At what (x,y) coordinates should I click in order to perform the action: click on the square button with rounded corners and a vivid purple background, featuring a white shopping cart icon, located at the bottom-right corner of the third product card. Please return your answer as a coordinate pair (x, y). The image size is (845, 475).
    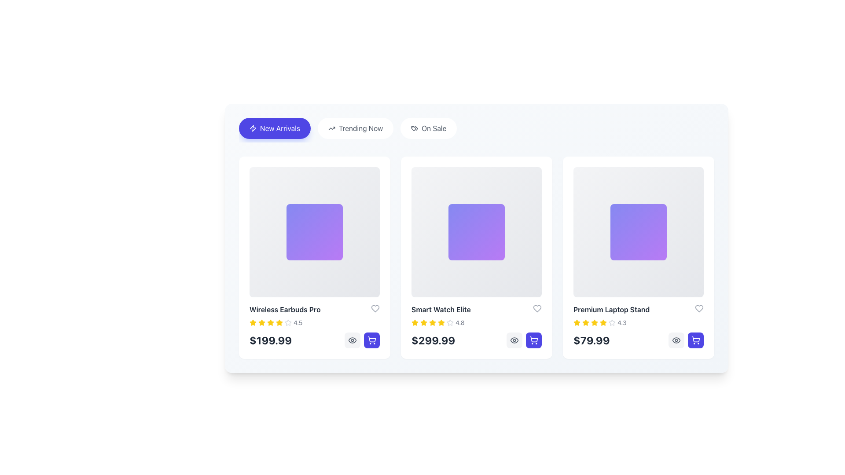
    Looking at the image, I should click on (695, 340).